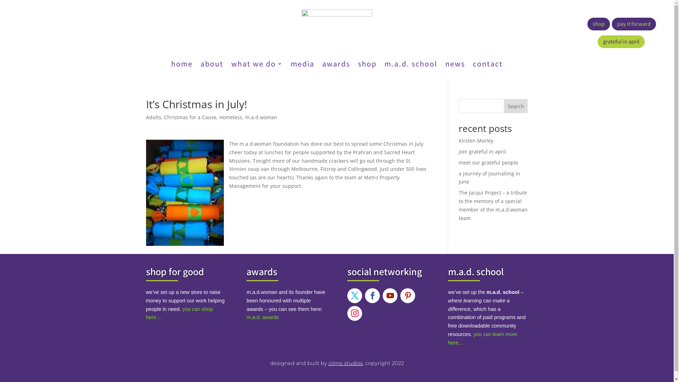 This screenshot has height=382, width=679. Describe the element at coordinates (516, 106) in the screenshot. I see `'Search'` at that location.